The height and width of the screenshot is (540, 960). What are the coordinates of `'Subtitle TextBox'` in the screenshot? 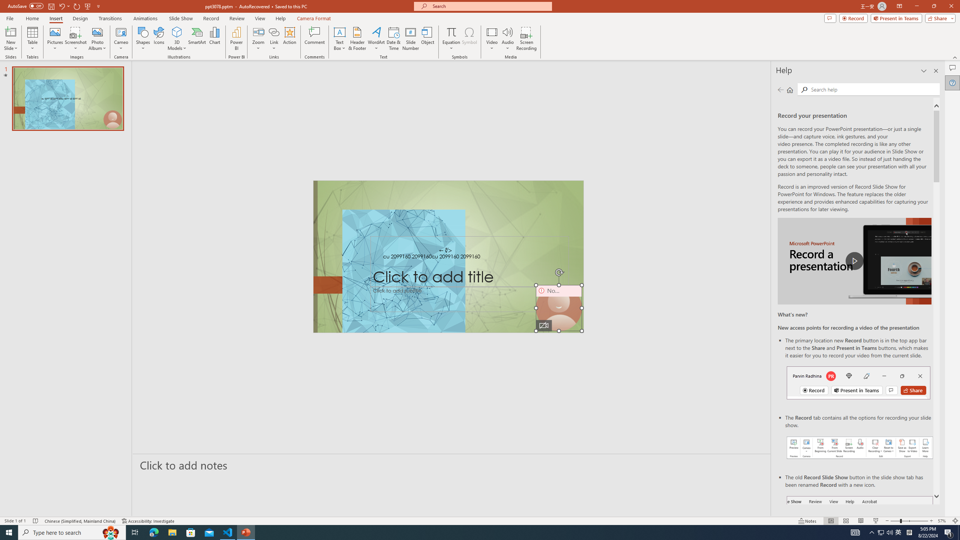 It's located at (469, 299).